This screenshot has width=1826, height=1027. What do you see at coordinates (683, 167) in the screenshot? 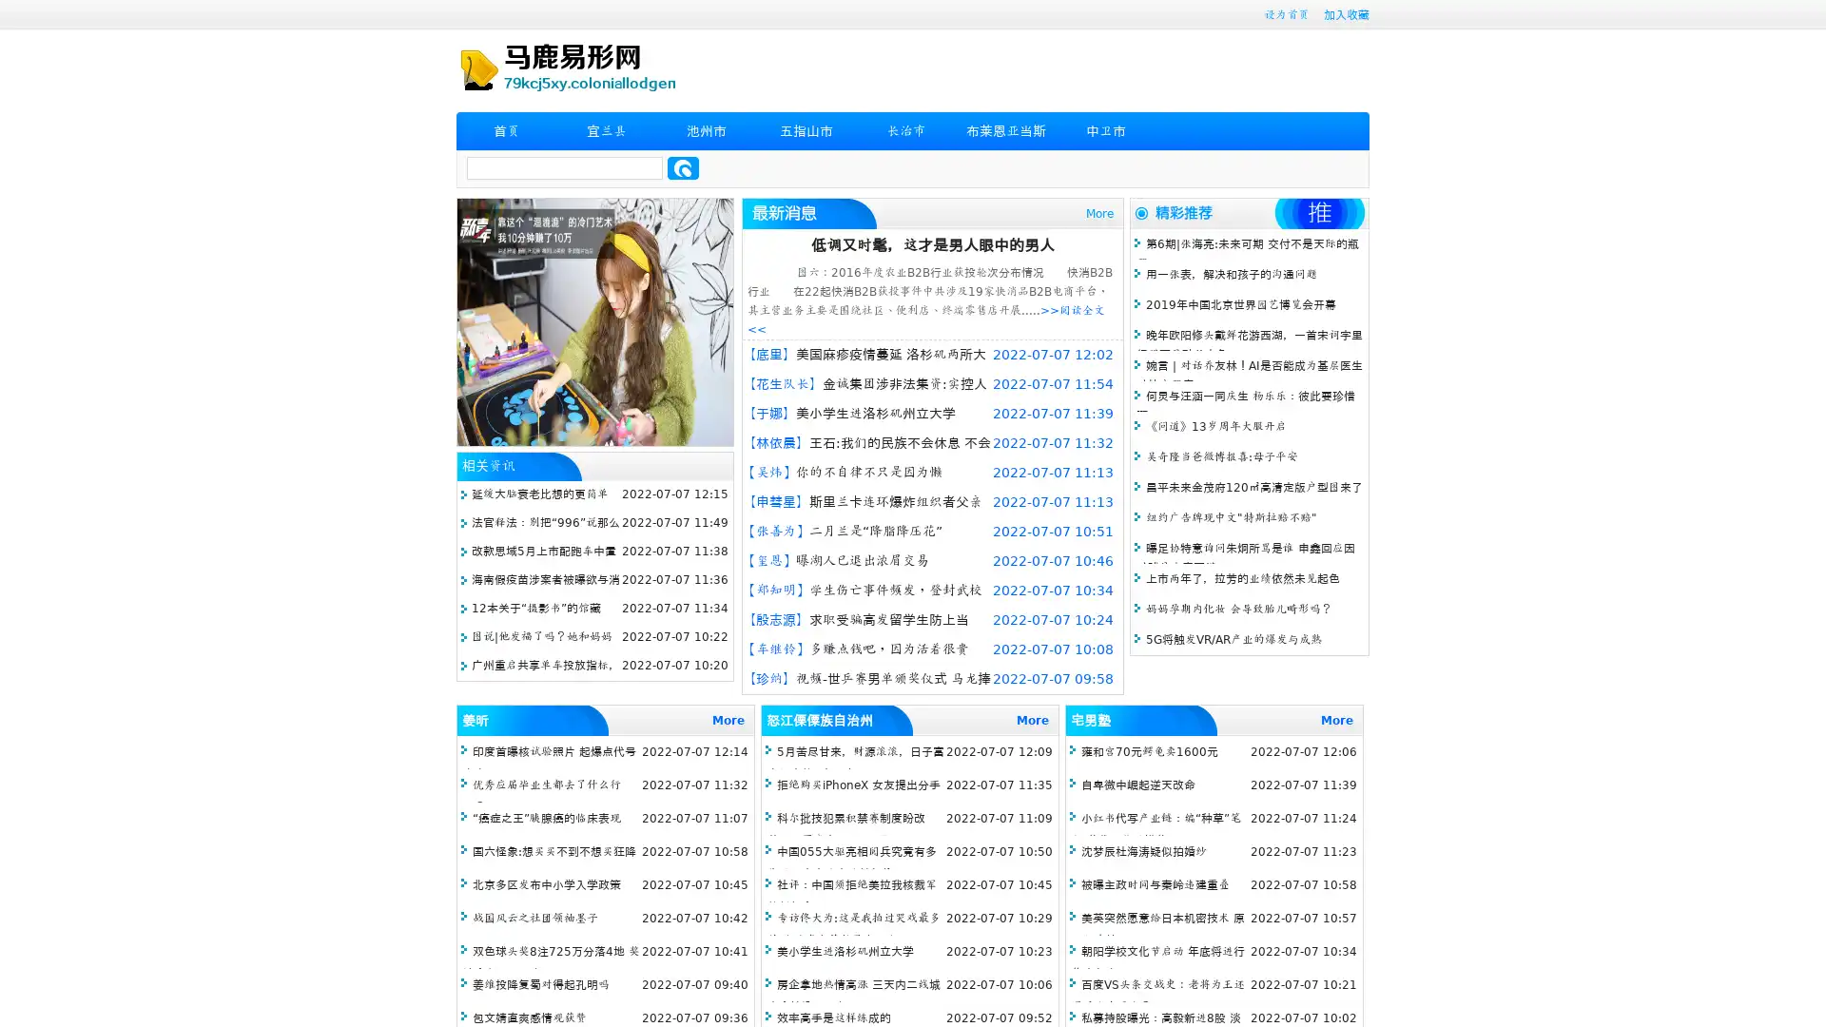
I see `Search` at bounding box center [683, 167].